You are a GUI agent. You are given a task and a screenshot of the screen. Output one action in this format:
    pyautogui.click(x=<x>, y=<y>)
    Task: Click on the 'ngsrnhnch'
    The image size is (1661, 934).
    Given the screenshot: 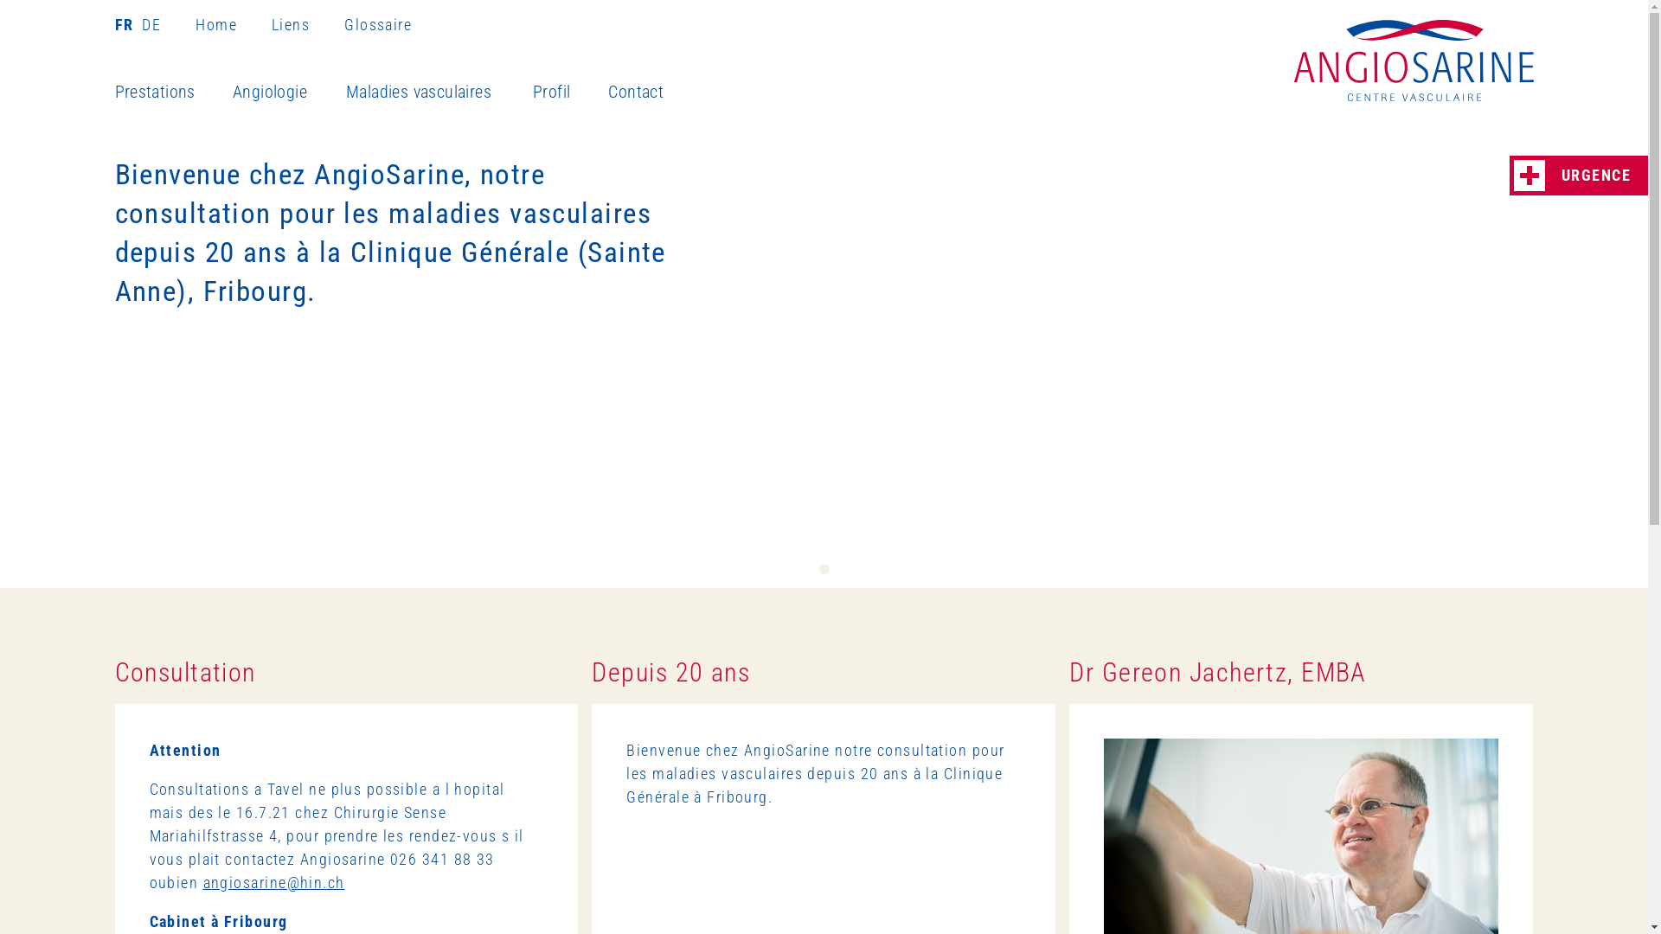 What is the action you would take?
    pyautogui.click(x=203, y=882)
    